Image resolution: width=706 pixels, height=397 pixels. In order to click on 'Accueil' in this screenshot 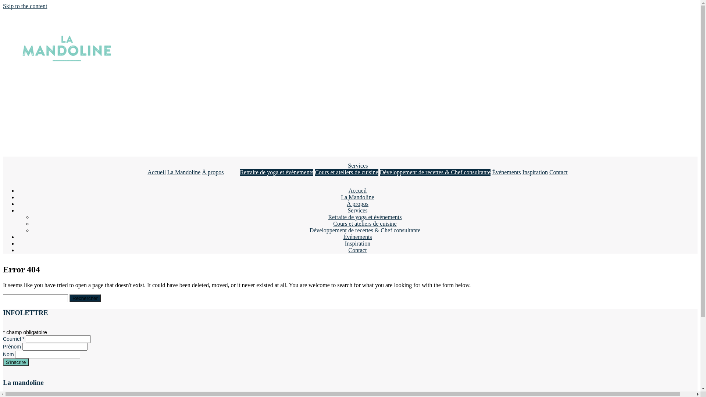, I will do `click(156, 172)`.